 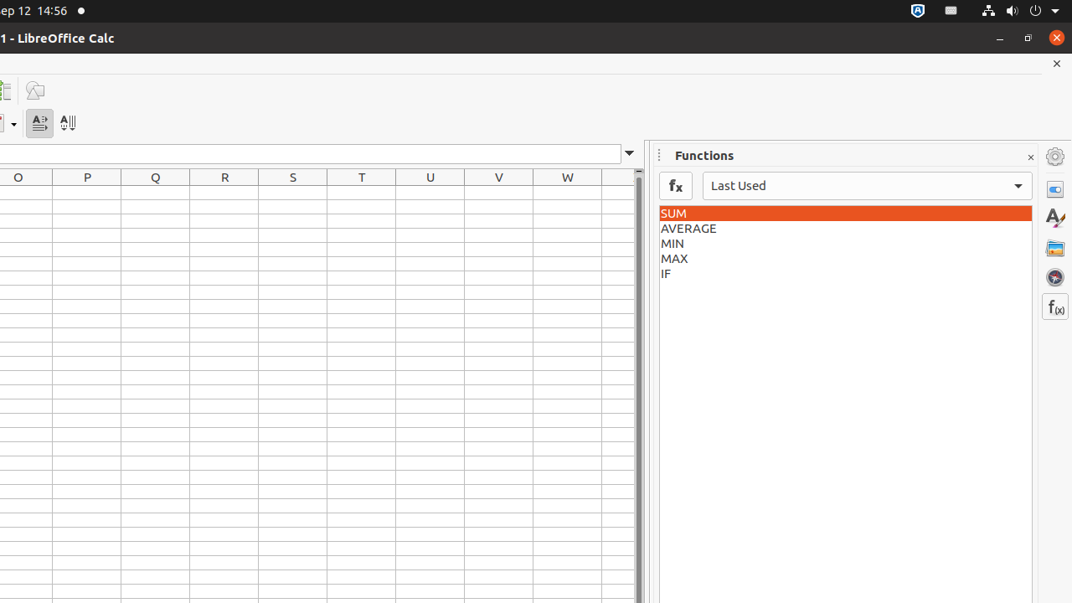 I want to click on 'V1', so click(x=497, y=192).